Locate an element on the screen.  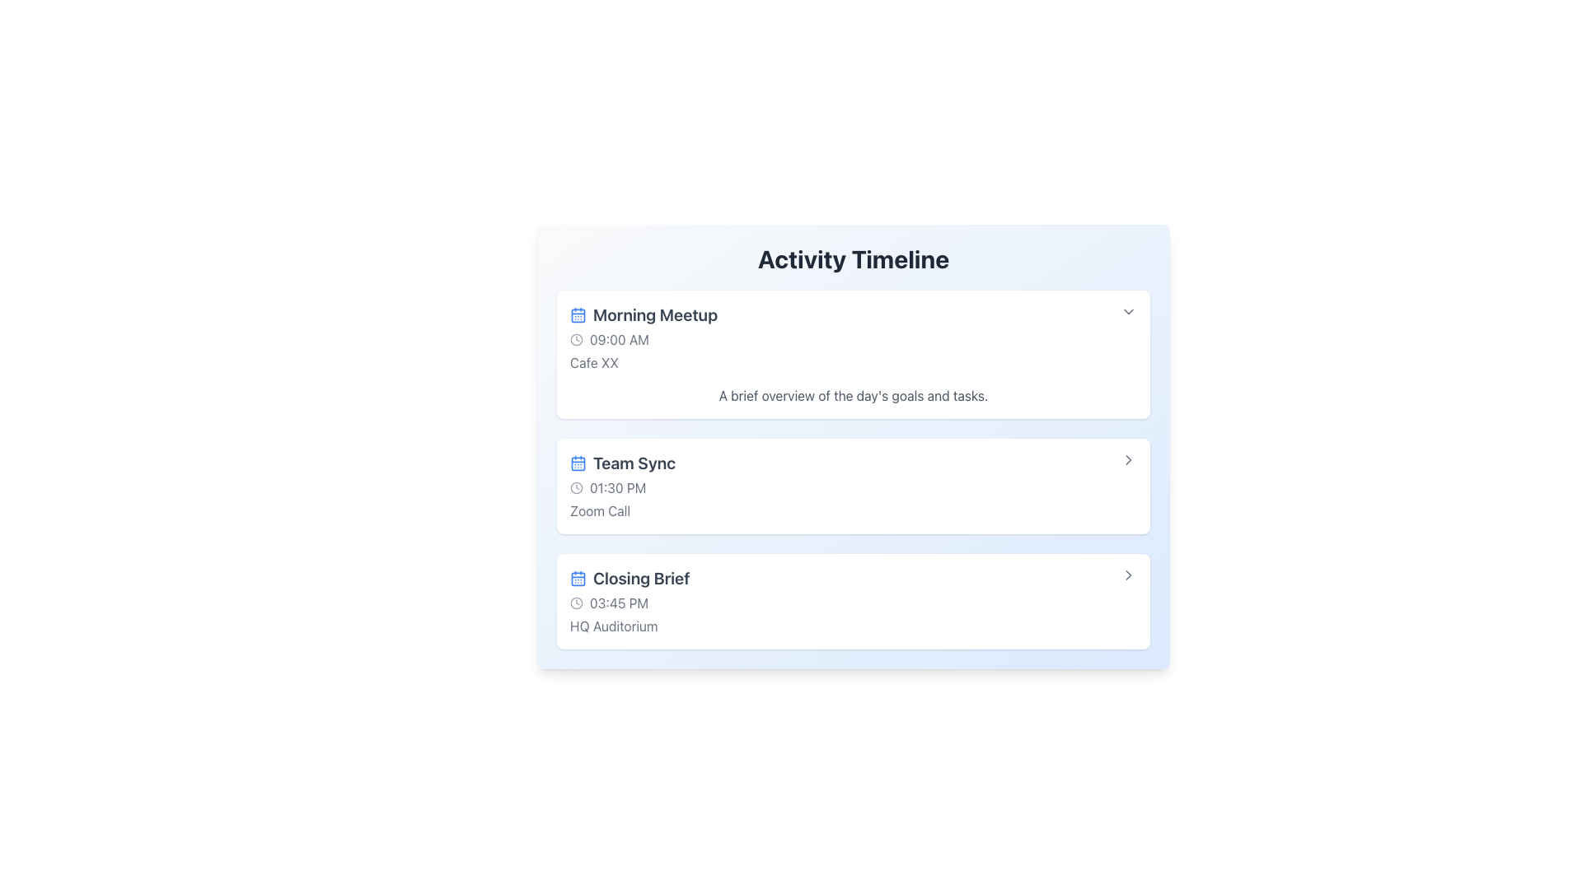
the graphical icon element associated with the 'Closing Brief' timeline entry, which is aligned with the clock symbol for the time '03:45 PM' is located at coordinates (577, 603).